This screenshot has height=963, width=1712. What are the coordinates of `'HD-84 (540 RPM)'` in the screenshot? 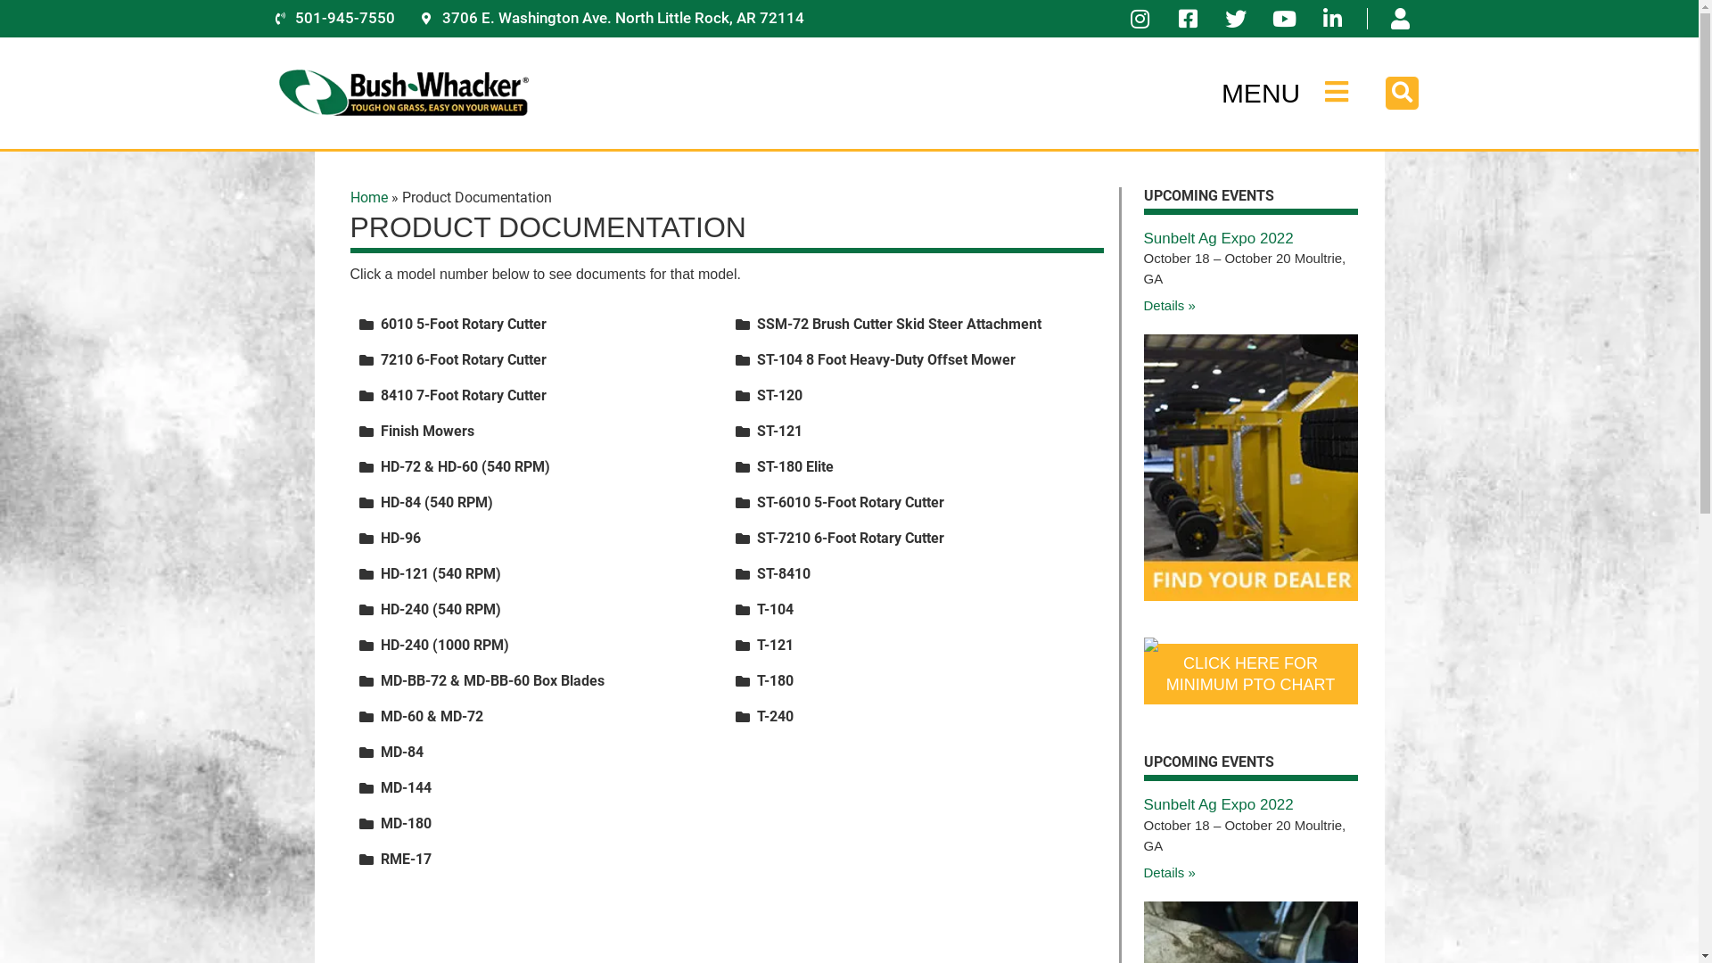 It's located at (436, 502).